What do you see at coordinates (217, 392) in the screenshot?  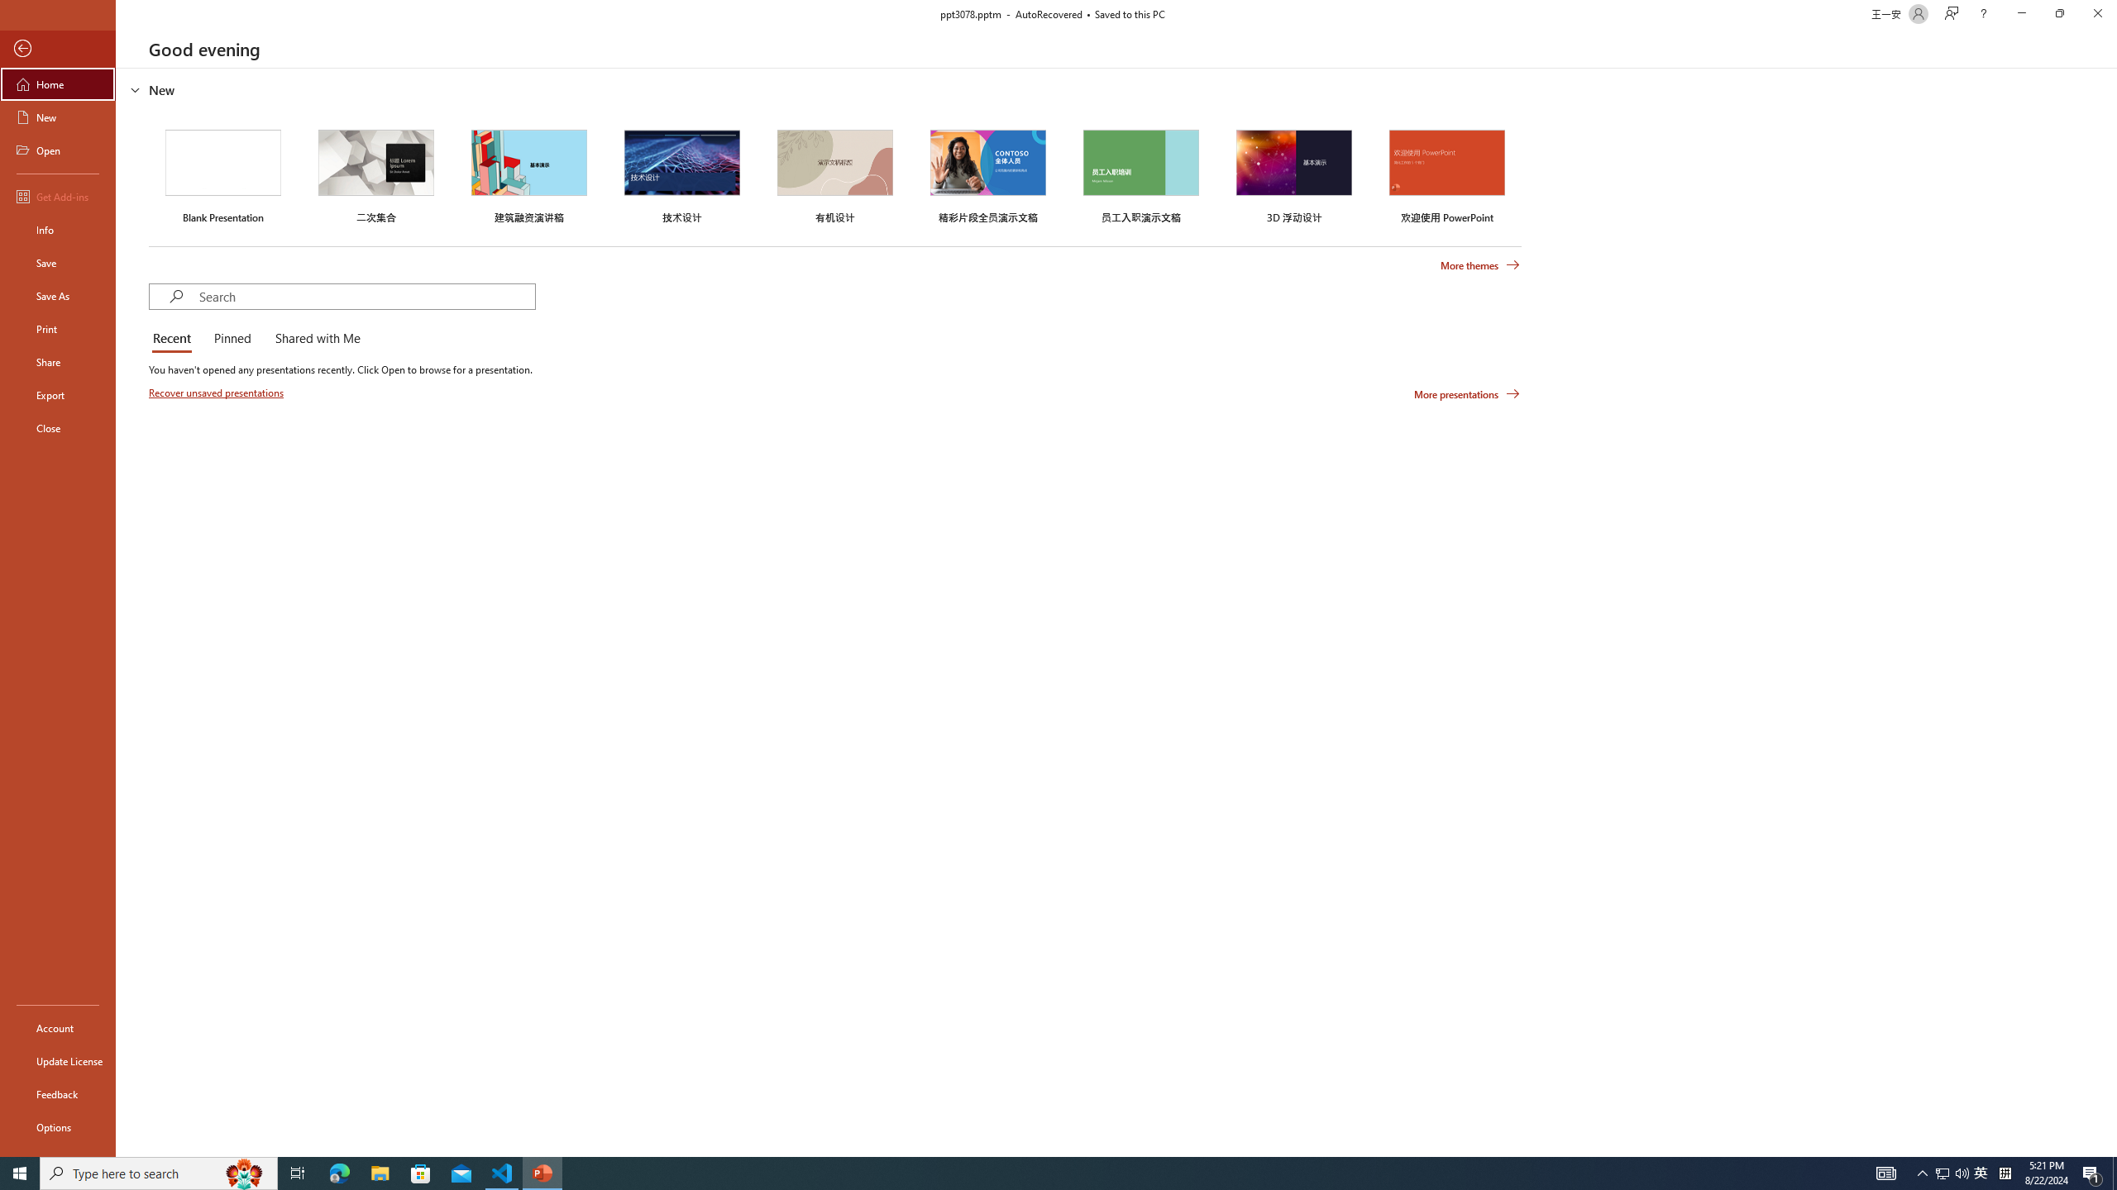 I see `'Recover unsaved presentations'` at bounding box center [217, 392].